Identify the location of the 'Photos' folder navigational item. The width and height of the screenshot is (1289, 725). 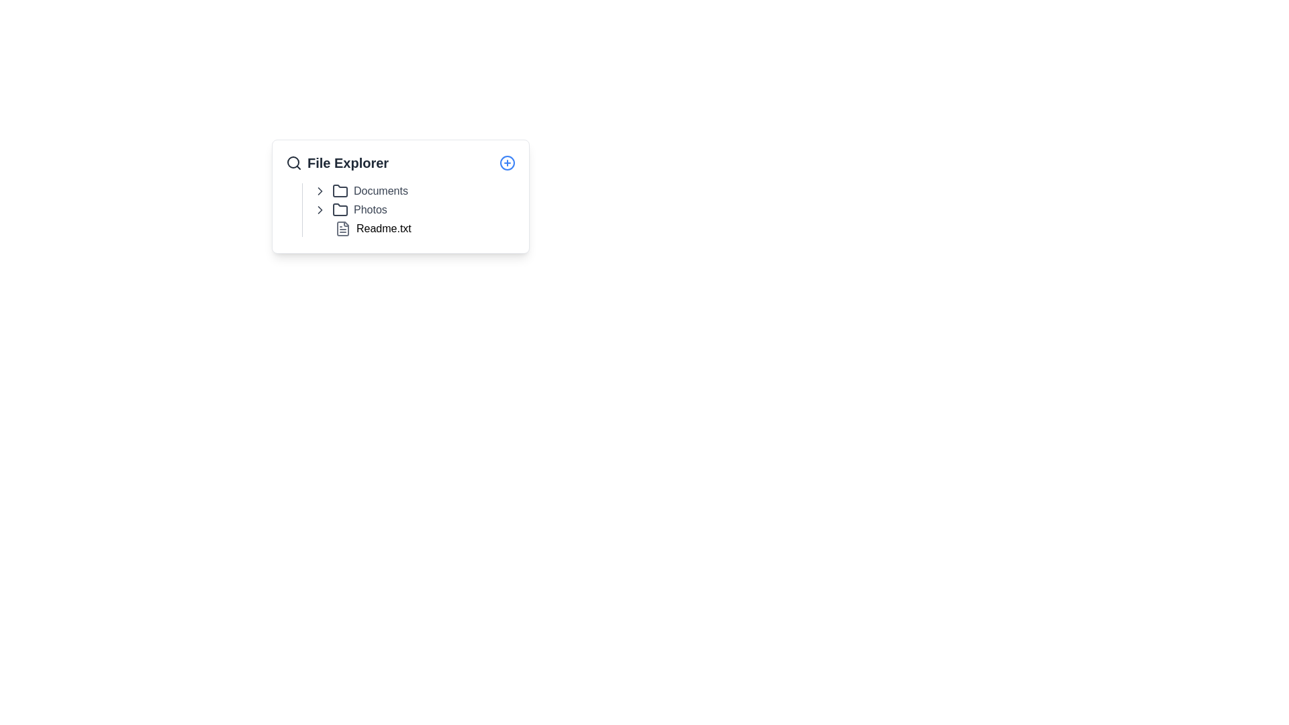
(350, 209).